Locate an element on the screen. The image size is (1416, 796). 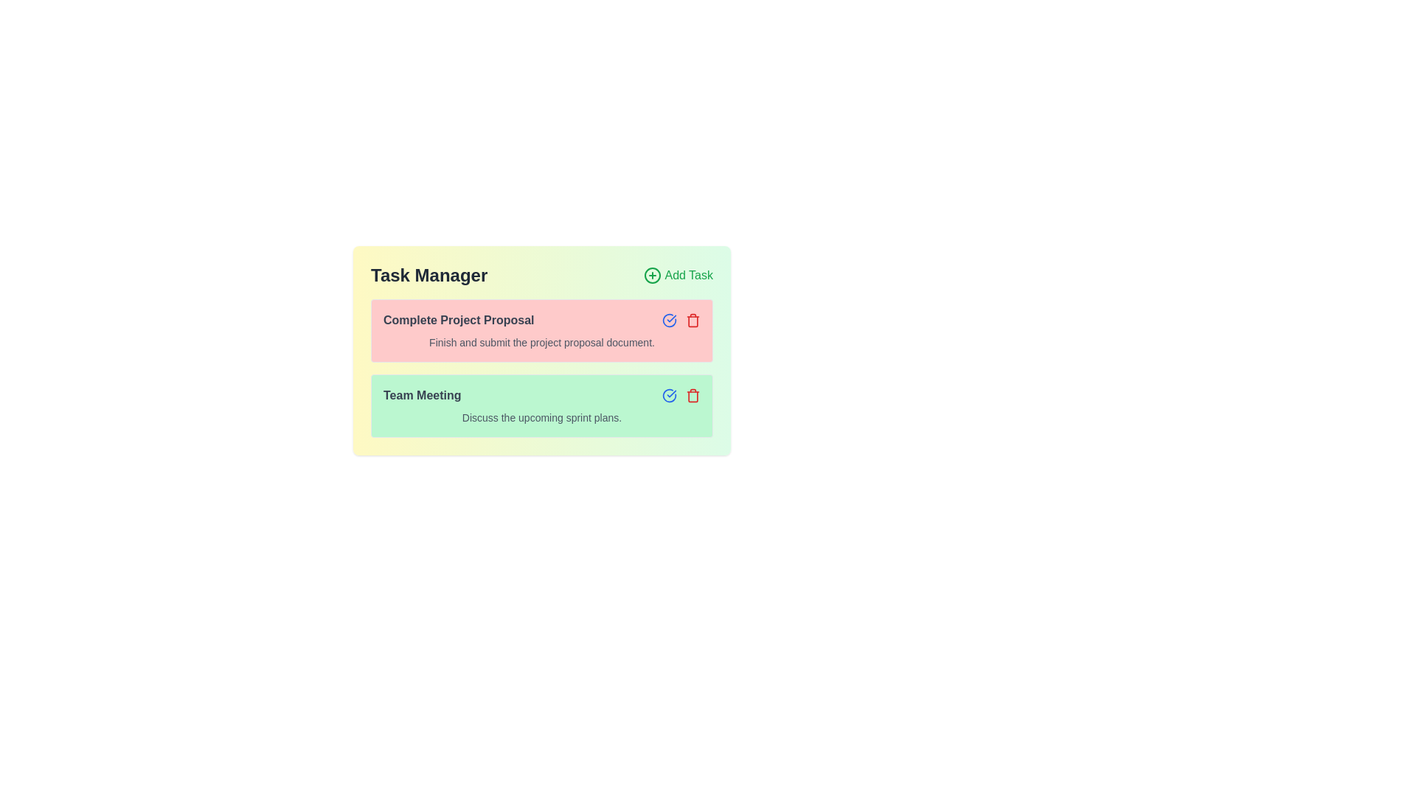
the circular outline of the 'Add Task' icon located in the top-right corner of the 'Task Manager' header section is located at coordinates (652, 276).